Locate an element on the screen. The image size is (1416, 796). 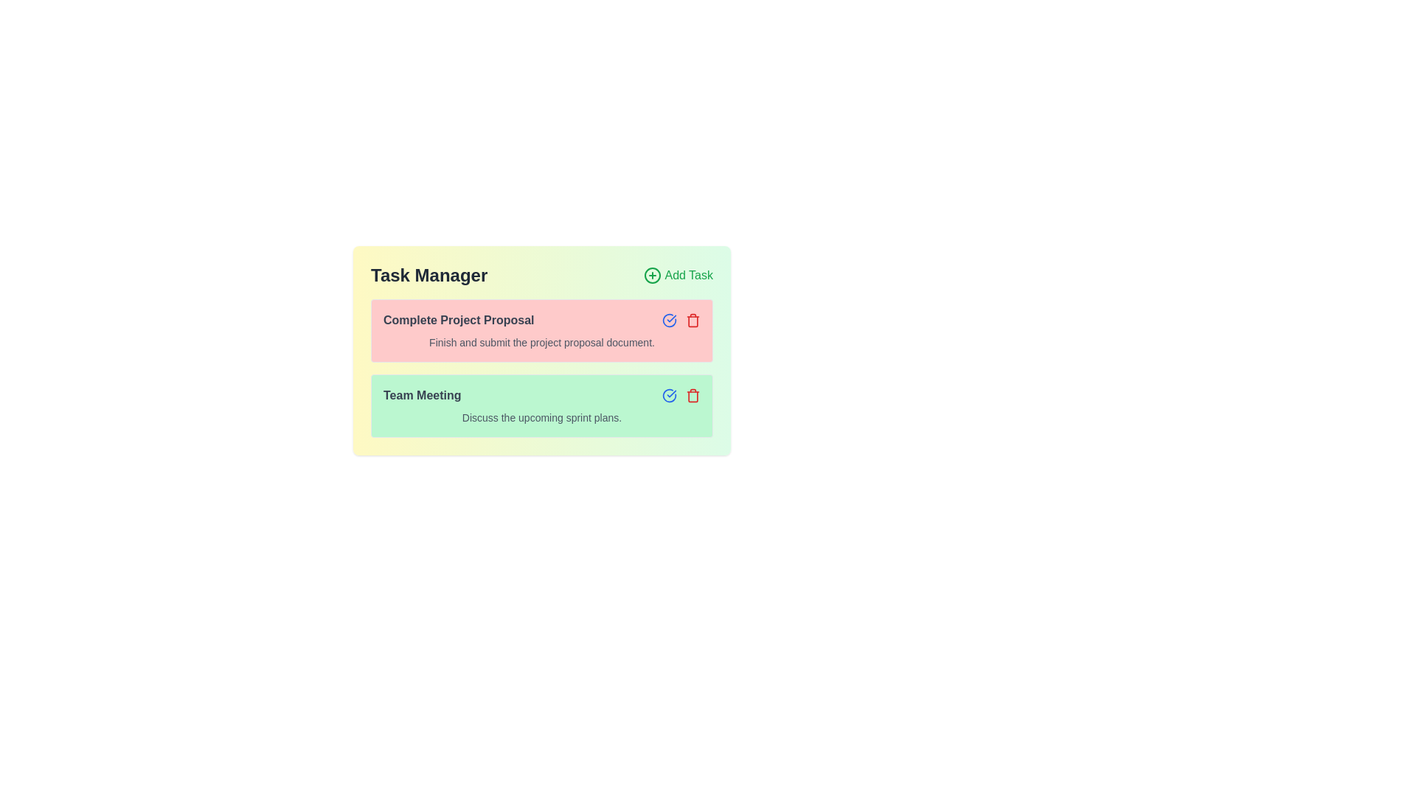
the circular outline of the 'Add Task' icon located in the top-right corner of the 'Task Manager' header section is located at coordinates (652, 276).